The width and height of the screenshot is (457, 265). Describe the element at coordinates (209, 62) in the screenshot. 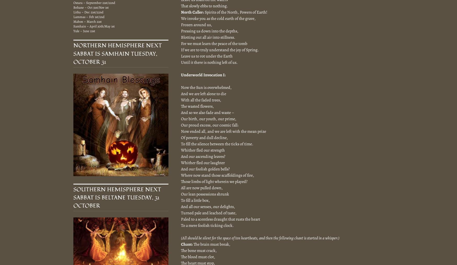

I see `'Until it there is nothing left of us.'` at that location.